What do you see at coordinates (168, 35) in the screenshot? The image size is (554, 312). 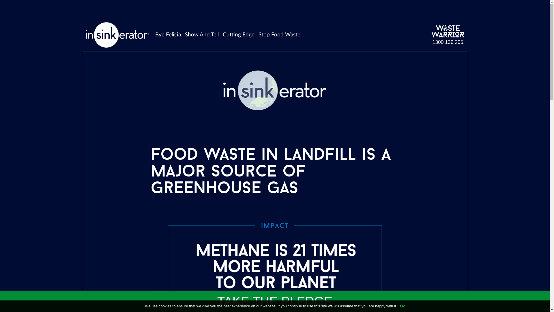 I see `'Bye Felicia'` at bounding box center [168, 35].